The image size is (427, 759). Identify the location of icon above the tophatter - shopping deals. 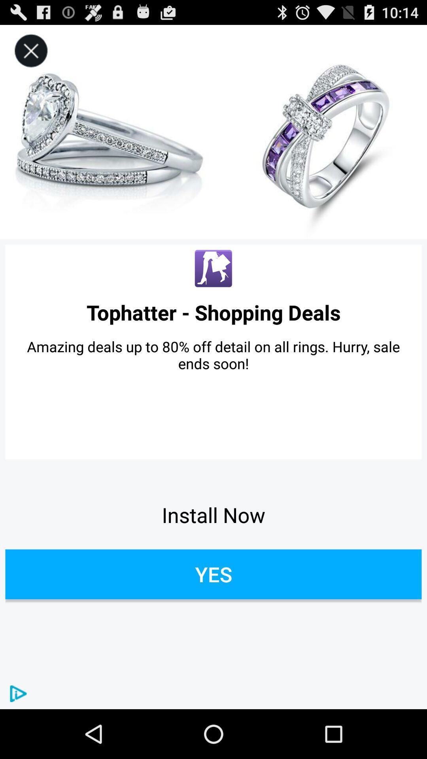
(30, 51).